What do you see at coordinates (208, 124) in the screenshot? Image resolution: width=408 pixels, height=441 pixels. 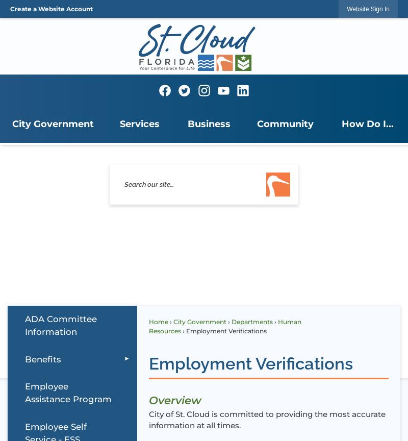 I see `'Business'` at bounding box center [208, 124].